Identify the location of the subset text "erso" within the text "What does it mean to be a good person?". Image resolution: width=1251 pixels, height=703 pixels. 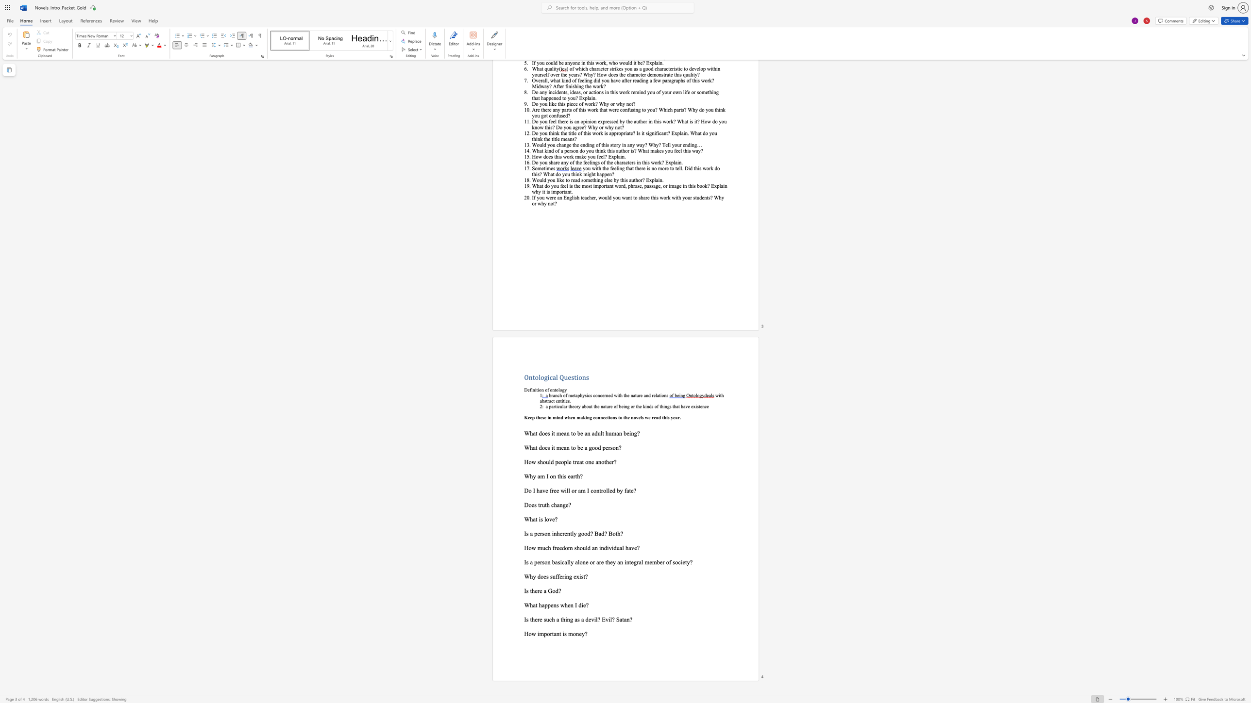
(605, 447).